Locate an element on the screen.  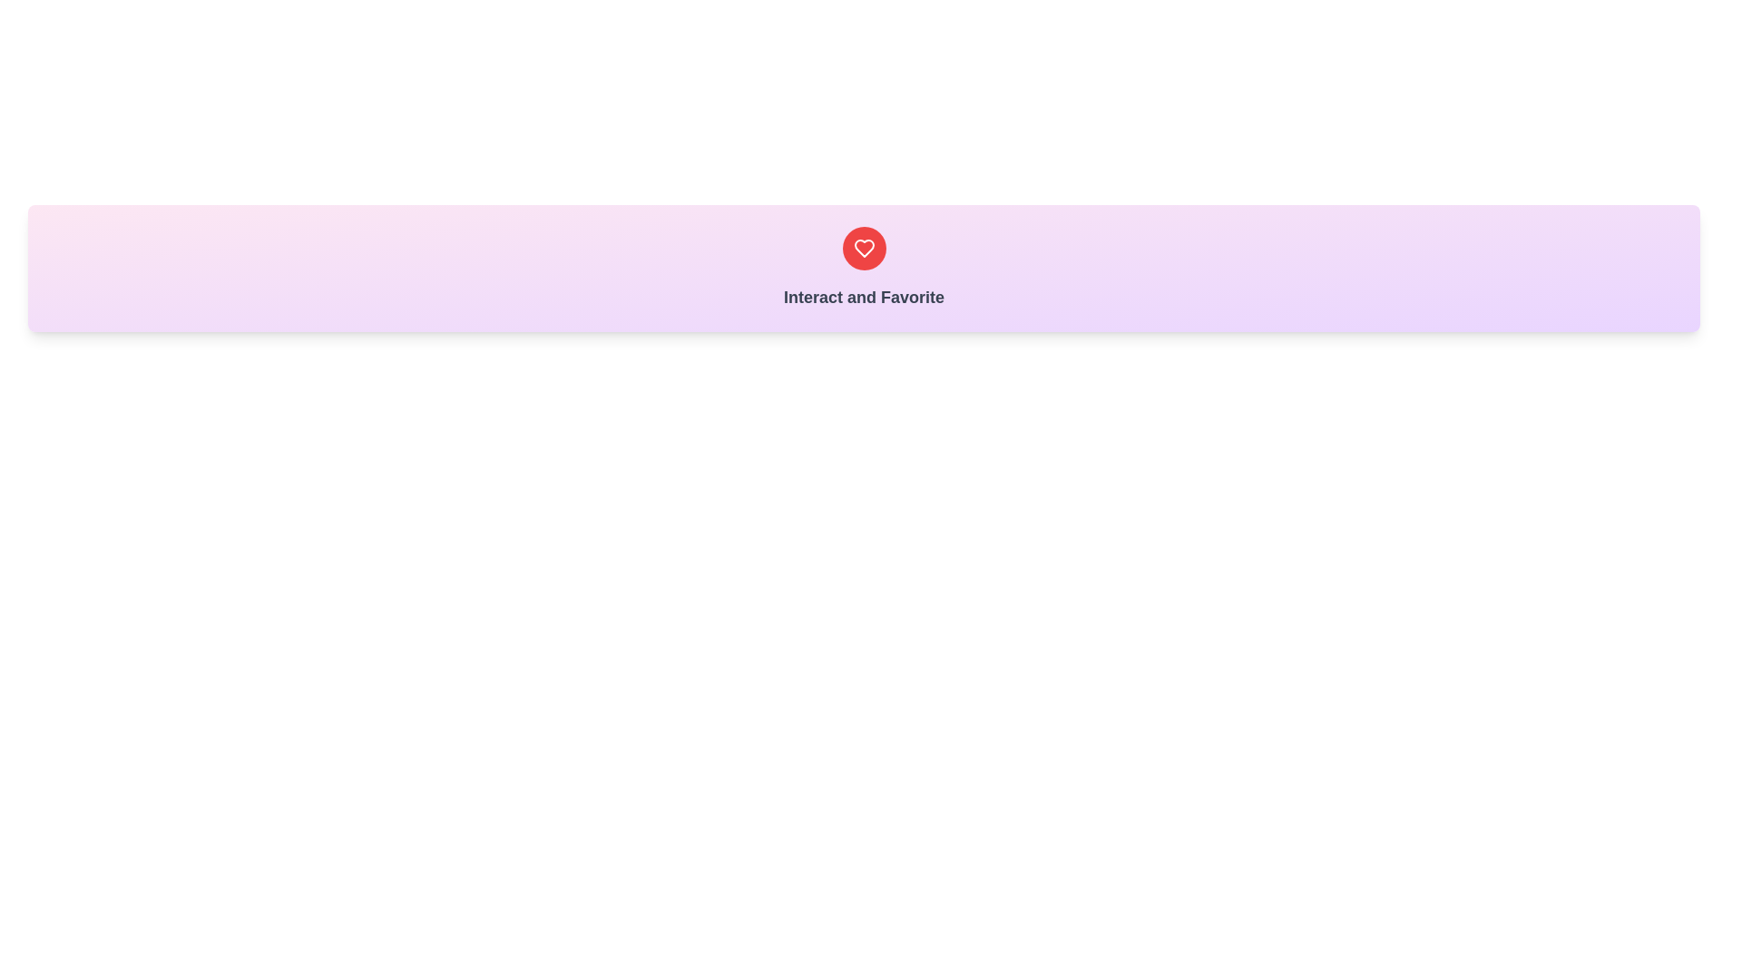
the circular red button with a white heart icon, which is centered above the text label 'Interact and Favorite' is located at coordinates (863, 248).